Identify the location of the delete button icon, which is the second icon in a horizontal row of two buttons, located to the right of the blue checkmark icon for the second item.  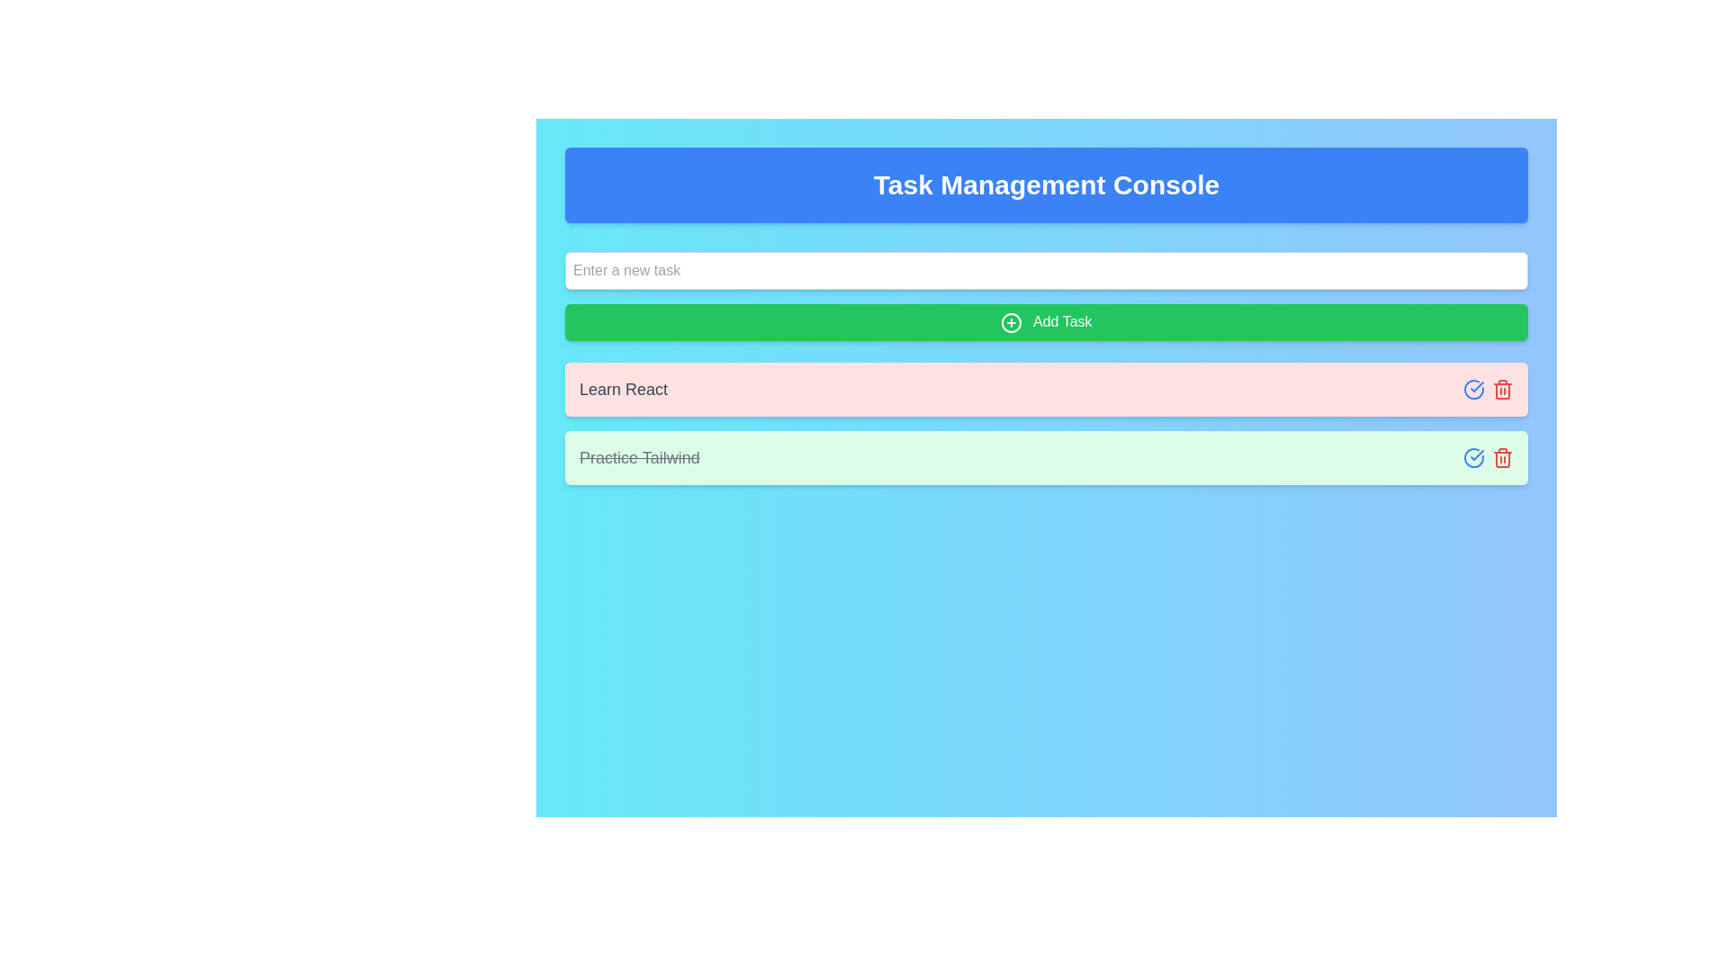
(1503, 388).